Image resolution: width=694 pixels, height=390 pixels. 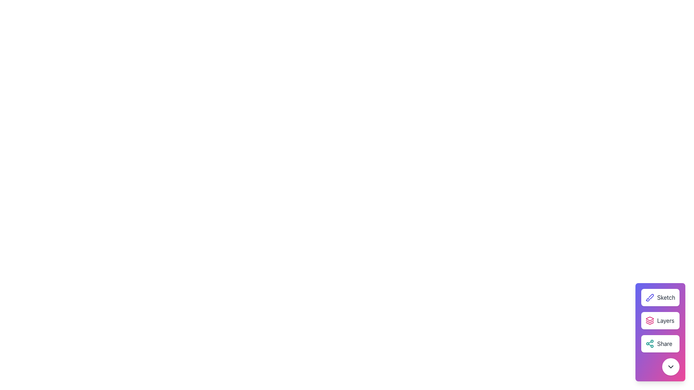 What do you see at coordinates (665, 343) in the screenshot?
I see `the 'Share' text label, which is styled in dark gray and located on a white rounded rectangular button at the bottom of a vertical stack of buttons` at bounding box center [665, 343].